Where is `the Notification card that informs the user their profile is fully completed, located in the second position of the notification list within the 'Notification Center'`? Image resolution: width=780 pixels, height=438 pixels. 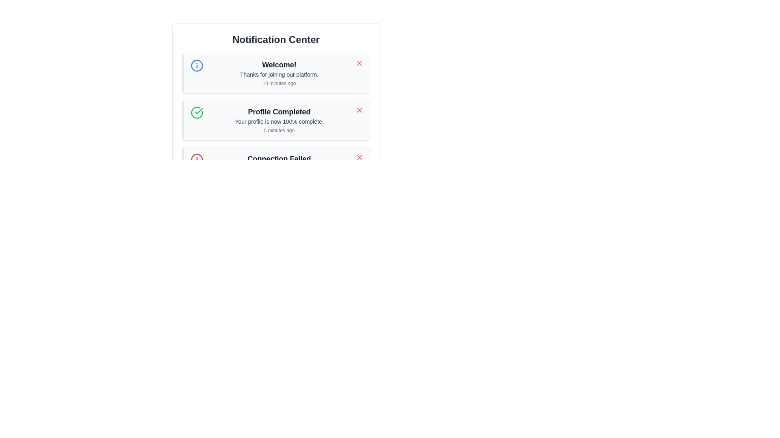 the Notification card that informs the user their profile is fully completed, located in the second position of the notification list within the 'Notification Center' is located at coordinates (276, 110).